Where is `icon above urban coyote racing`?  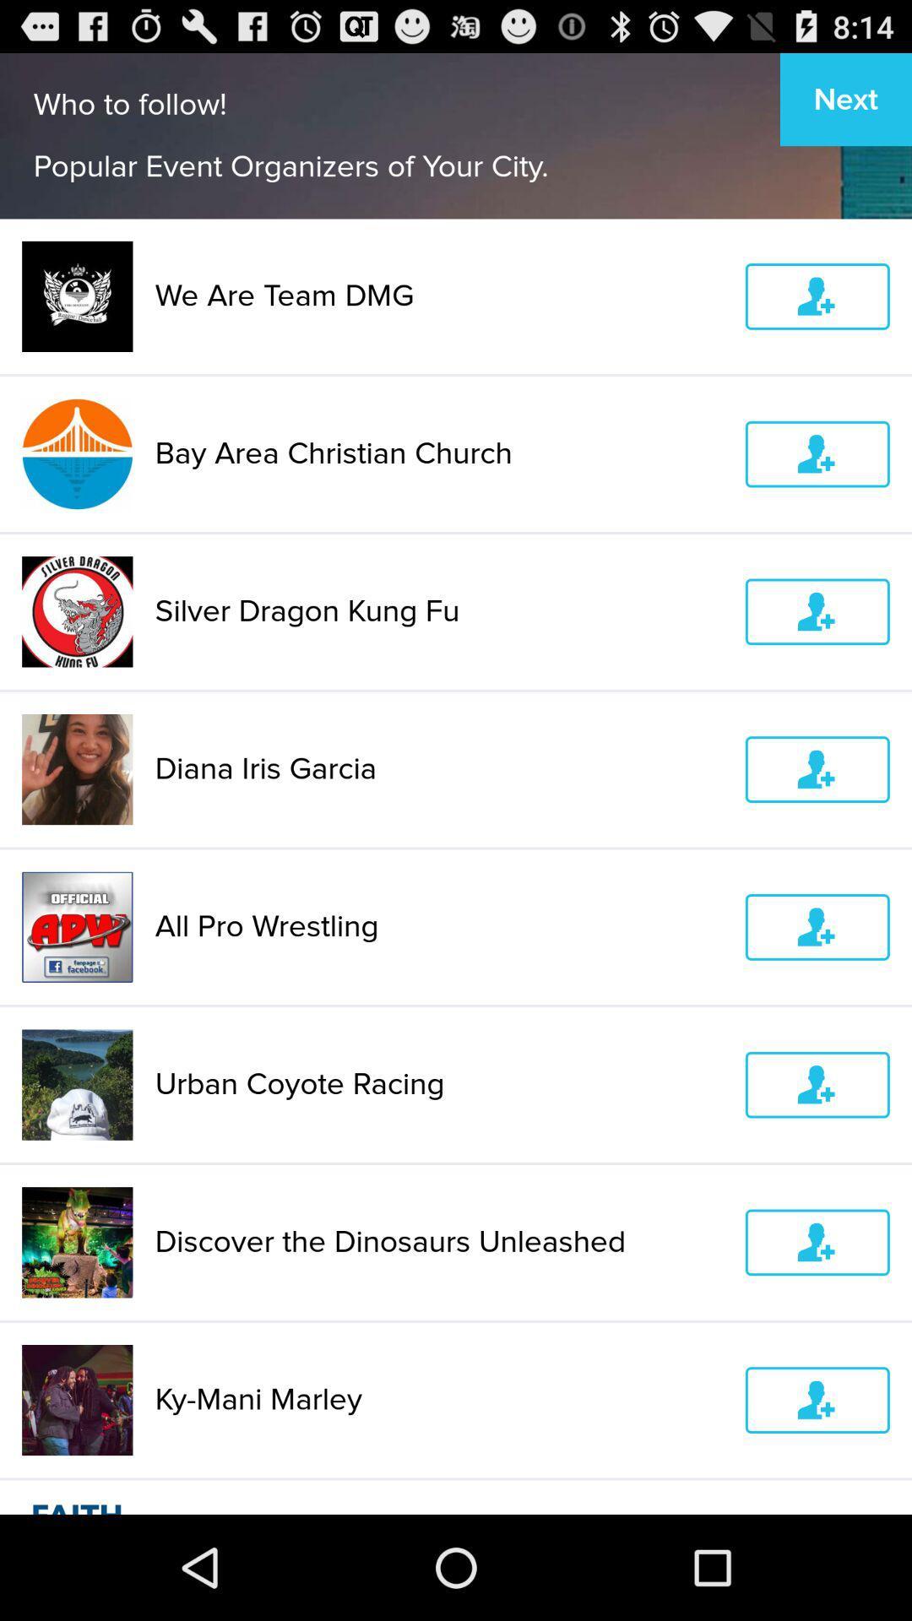
icon above urban coyote racing is located at coordinates (438, 926).